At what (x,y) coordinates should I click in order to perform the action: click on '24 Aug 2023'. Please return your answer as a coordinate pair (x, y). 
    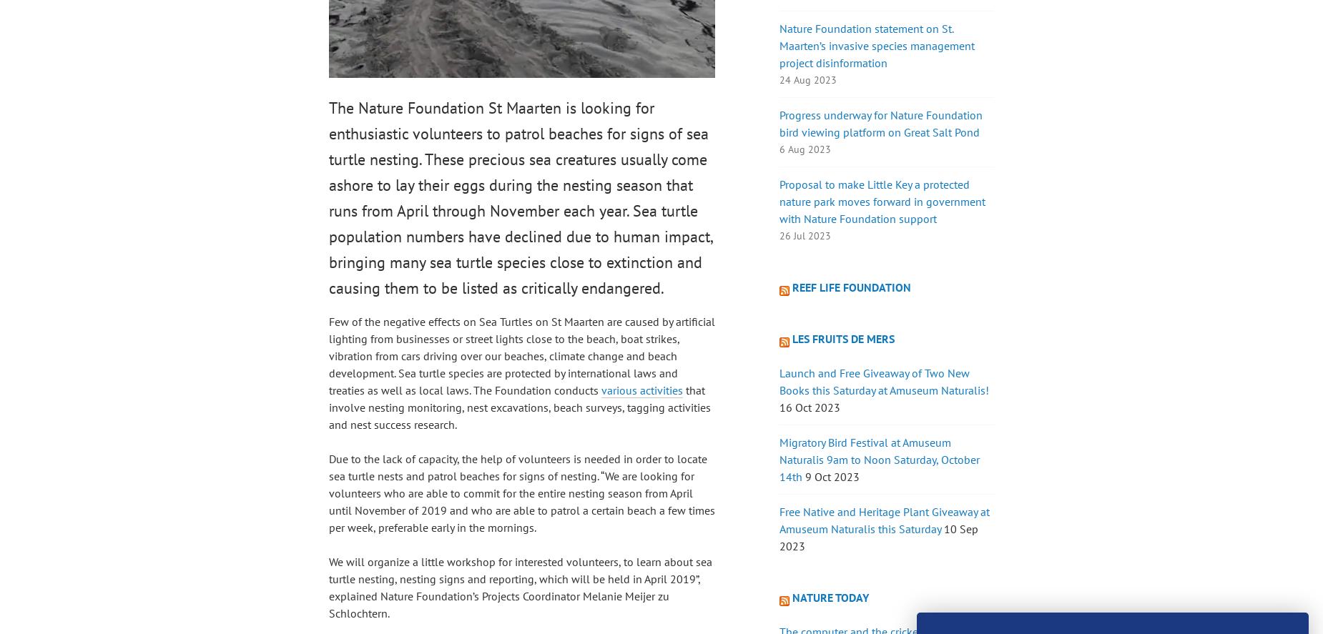
    Looking at the image, I should click on (779, 80).